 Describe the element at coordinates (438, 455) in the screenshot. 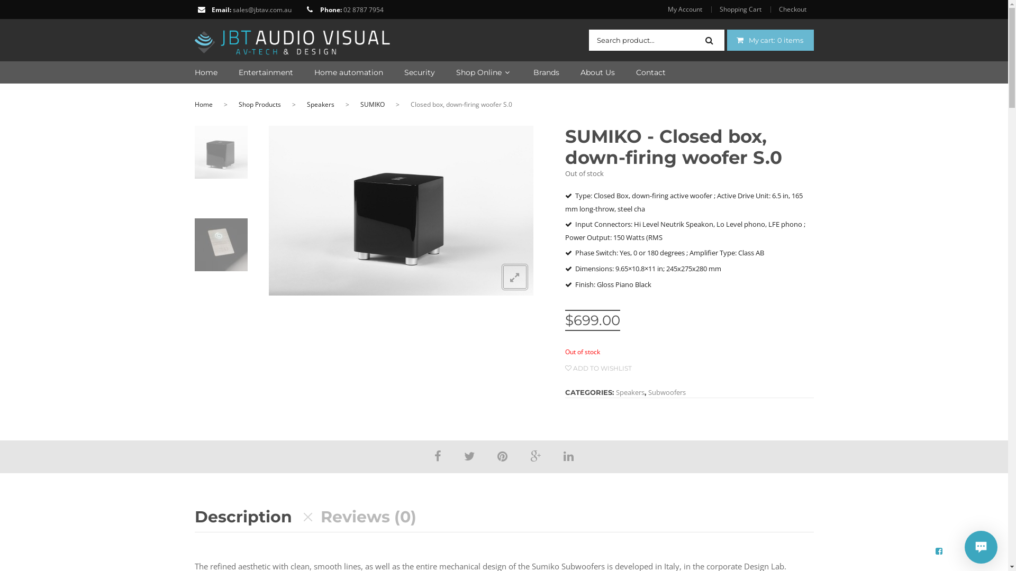

I see `'Facebook'` at that location.